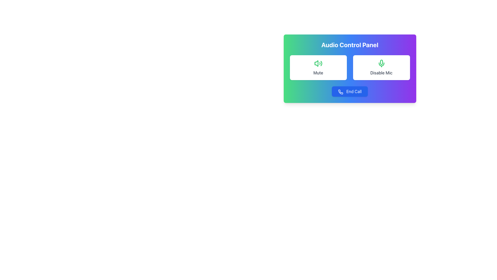 This screenshot has width=497, height=280. I want to click on the 'End Call' button located in the lower part of the 'Audio Control Panel', which is centered horizontally and positioned below the 'Mute' and 'Disable Mic' buttons, so click(350, 91).